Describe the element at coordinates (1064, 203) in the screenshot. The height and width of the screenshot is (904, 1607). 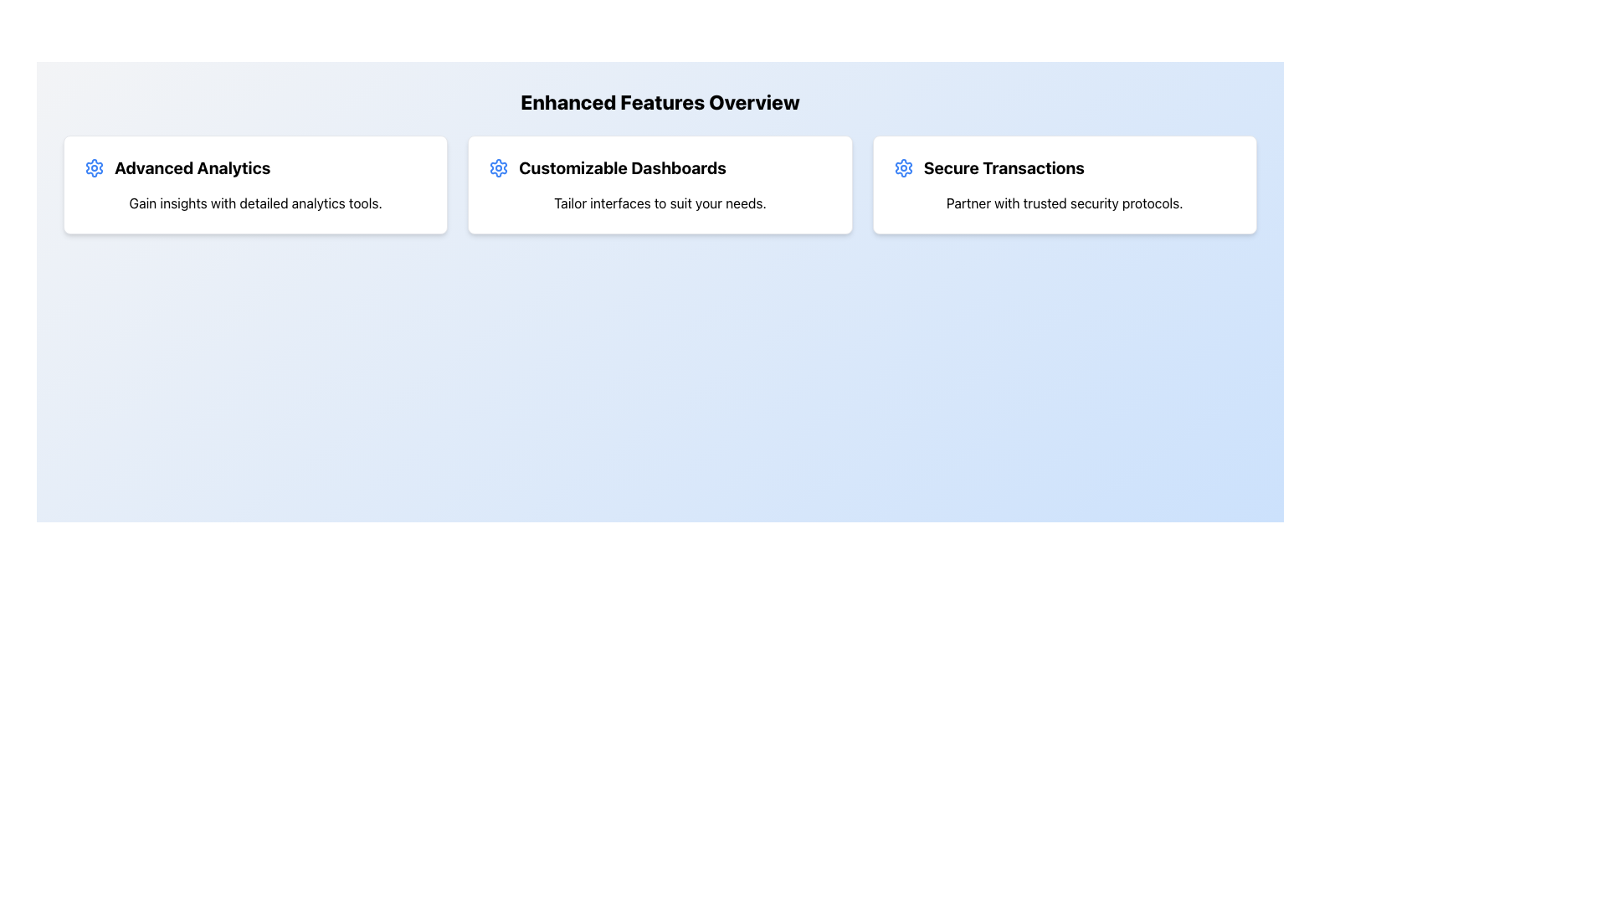
I see `the text label stating 'Partner with trusted security protocols' which is positioned below the title 'Secure Transactions' in the third card of a horizontally arranged layout of similar cards` at that location.